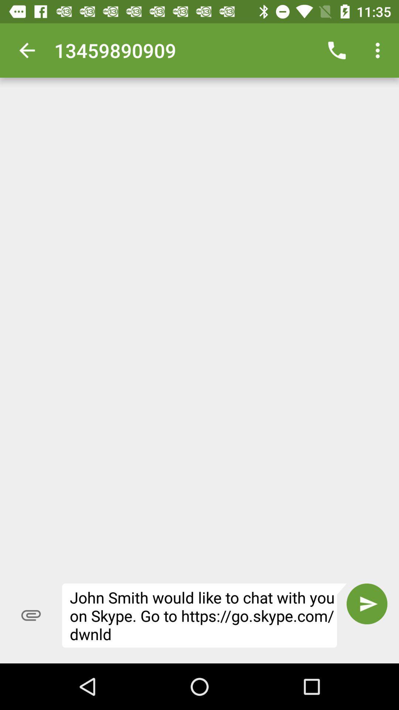 The height and width of the screenshot is (710, 399). I want to click on the item to the right of the john smith would icon, so click(367, 604).